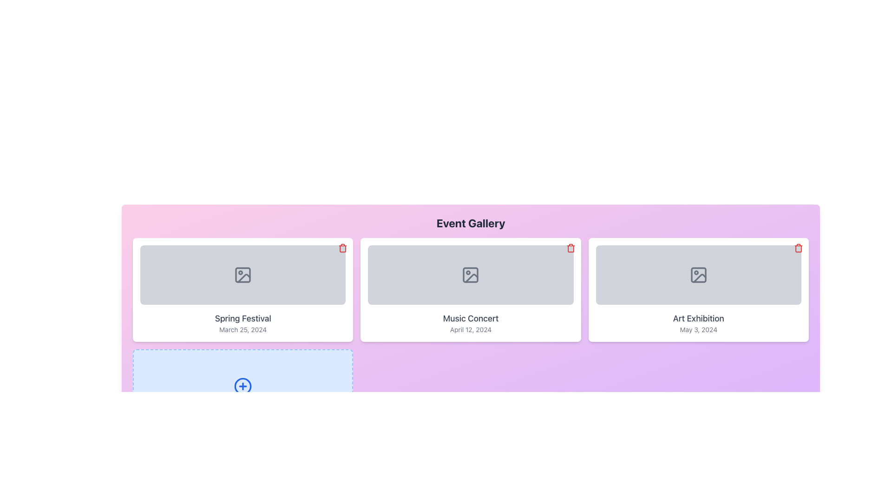 Image resolution: width=892 pixels, height=501 pixels. What do you see at coordinates (243, 329) in the screenshot?
I see `the Text Label displaying the date associated with the 'Spring Festival' event, located at the bottom of the card component under its title` at bounding box center [243, 329].